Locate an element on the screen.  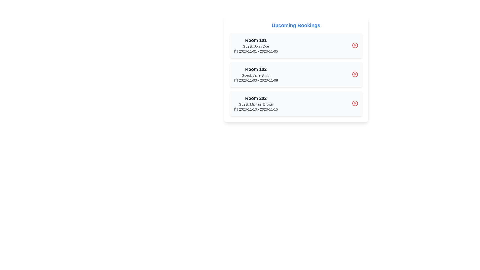
the calendar icon located to the left of the date range text '2023-11-01 - 2023-11-05' within the first booking card for 'Room 101' under 'Upcoming Bookings' is located at coordinates (236, 51).